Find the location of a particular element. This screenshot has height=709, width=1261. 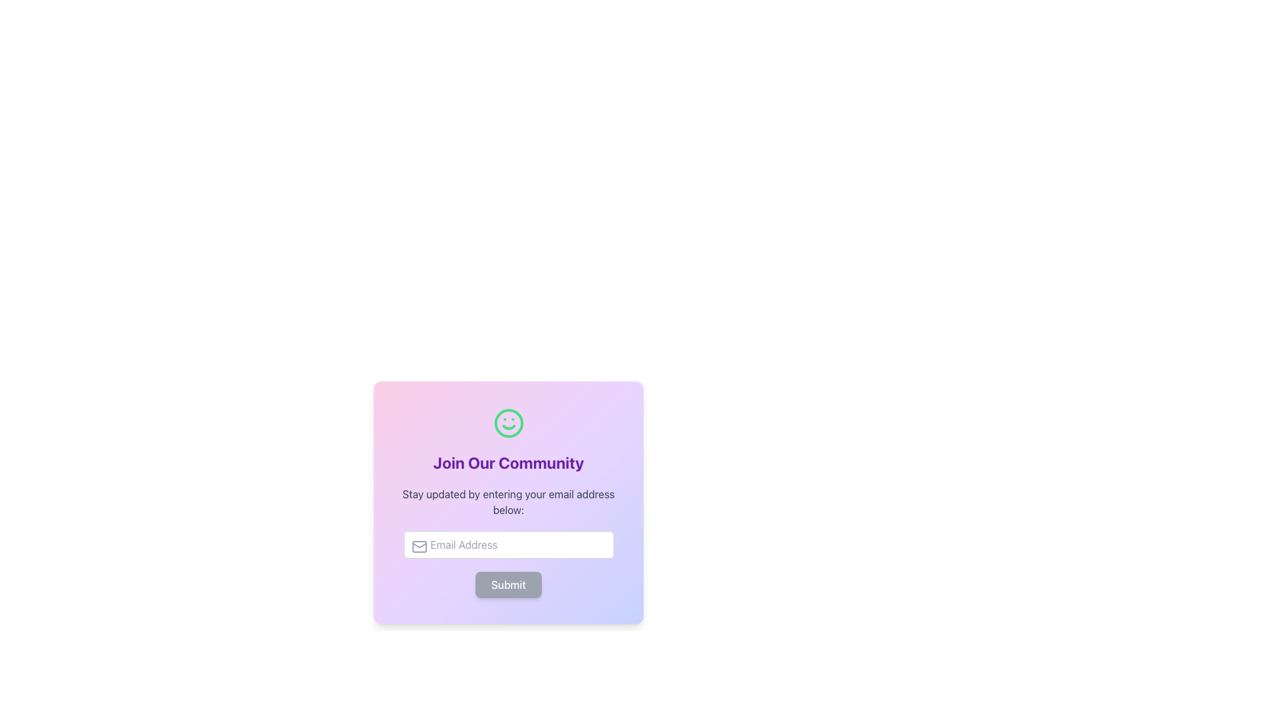

the decorative envelope icon located inside the text input field labeled 'Email Address', which is positioned to the far left of the input field is located at coordinates (418, 547).